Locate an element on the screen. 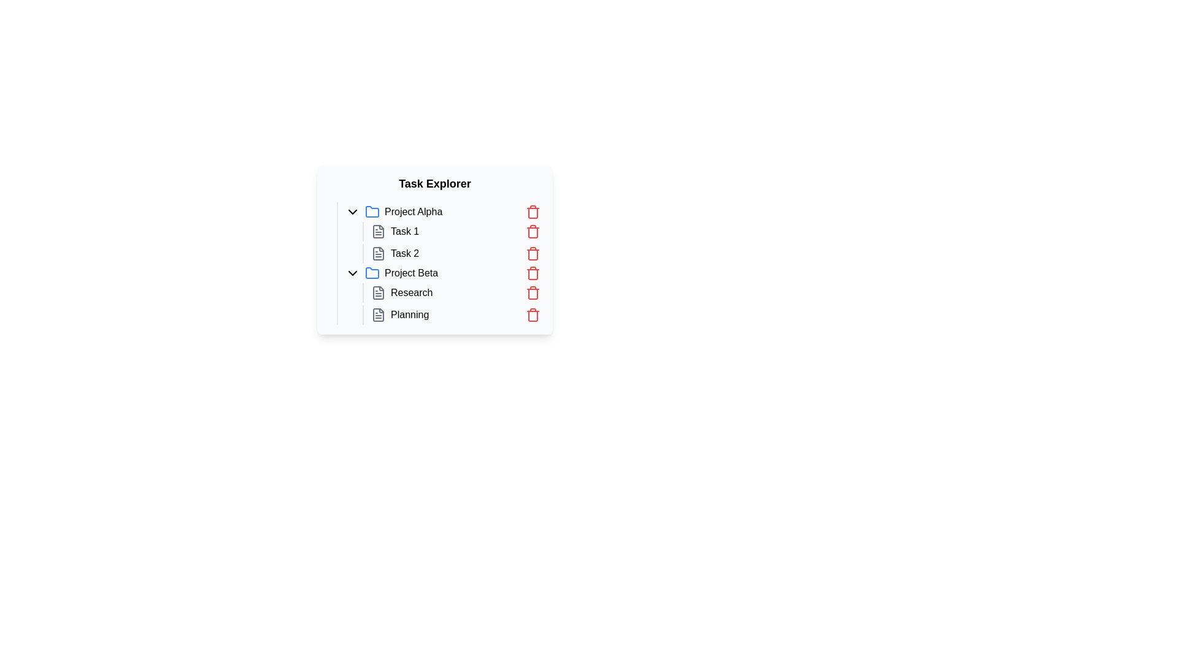  the 'Task 2' item in the 'Project Alpha' section is located at coordinates (452, 253).